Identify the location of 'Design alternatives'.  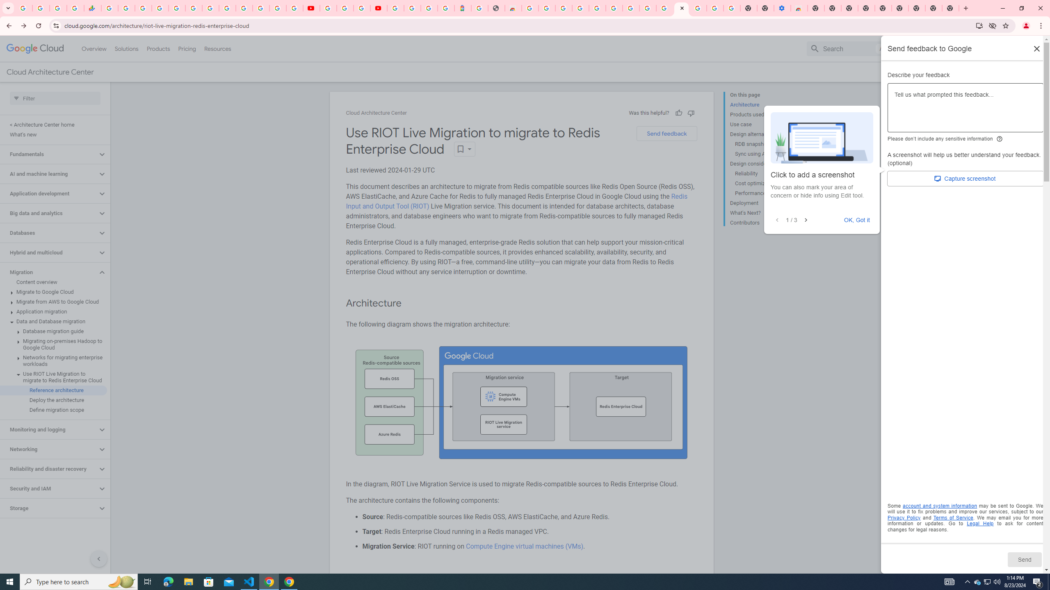
(763, 134).